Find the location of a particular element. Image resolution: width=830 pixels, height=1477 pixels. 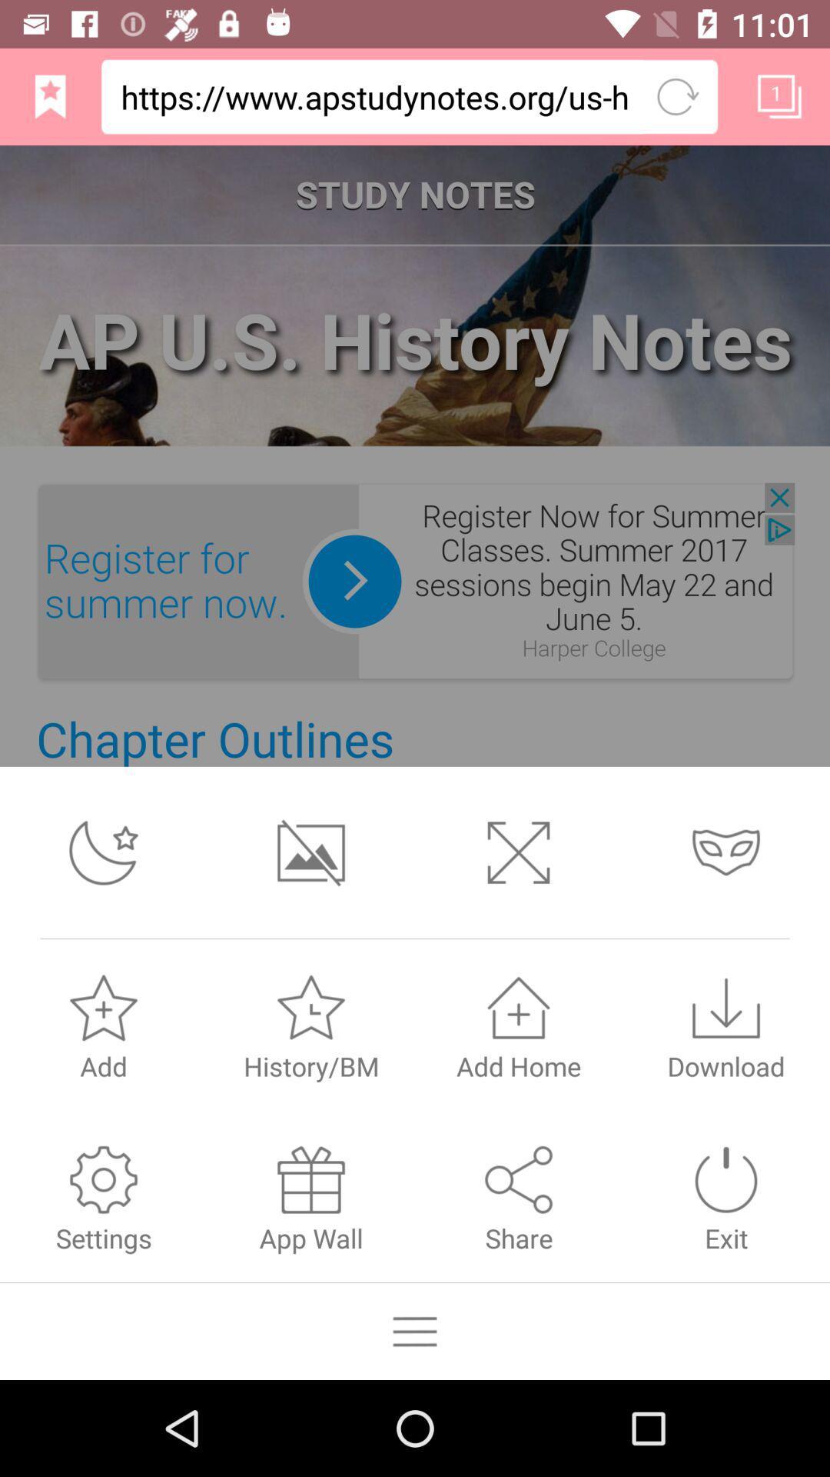

the bookmark icon is located at coordinates (49, 102).